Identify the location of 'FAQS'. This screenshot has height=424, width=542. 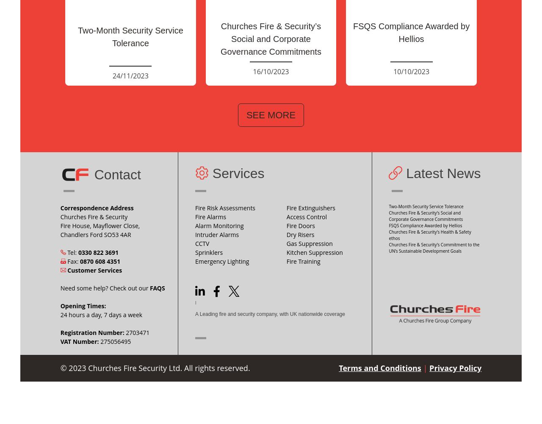
(157, 287).